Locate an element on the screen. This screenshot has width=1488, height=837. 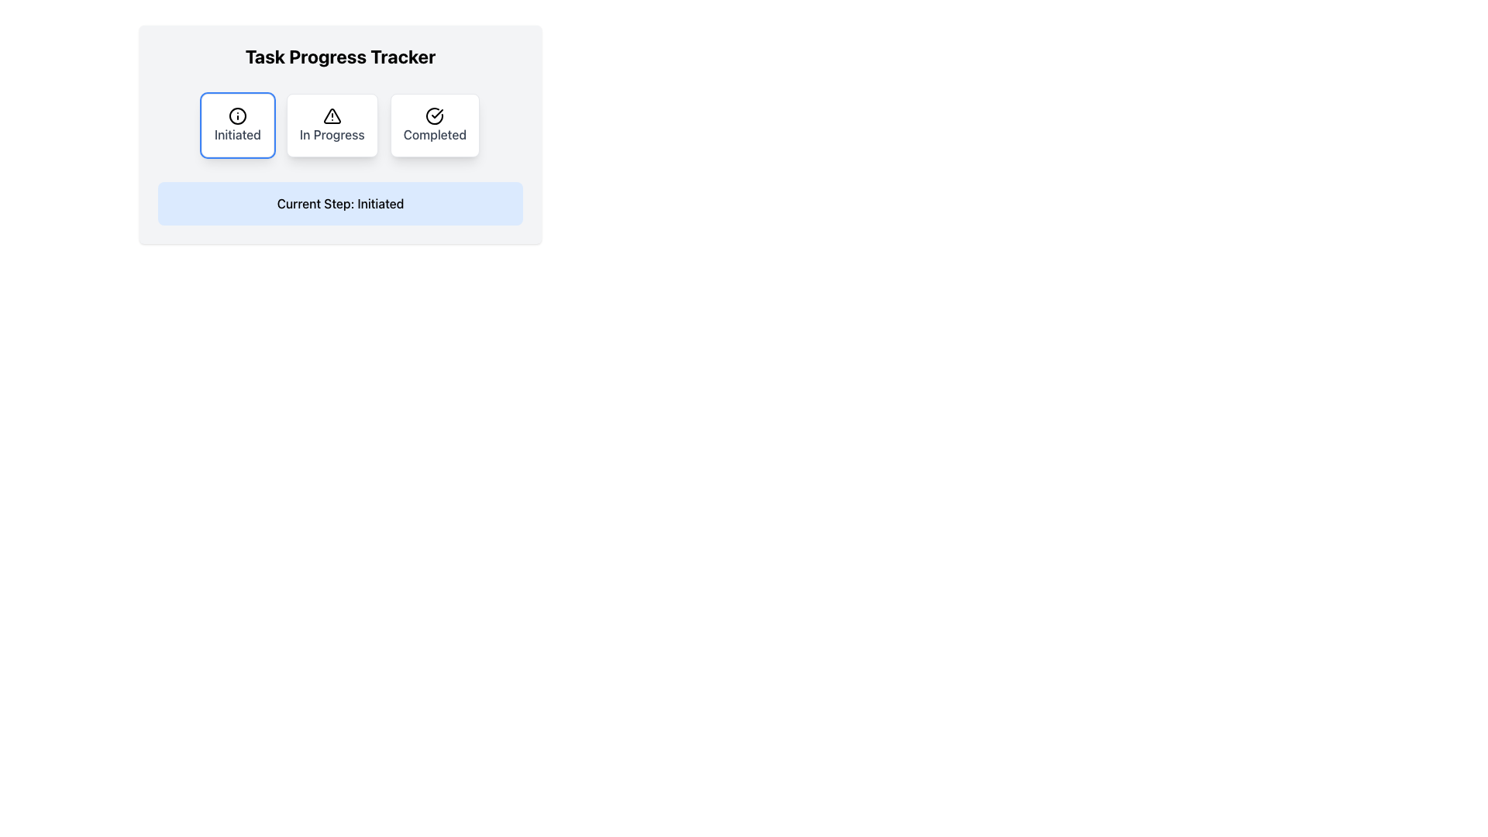
the 'In Progress' status label in the Task Progress Tracker, which is located directly below the triangle alert icon and is the middle element among the three status indicators is located at coordinates (331, 133).